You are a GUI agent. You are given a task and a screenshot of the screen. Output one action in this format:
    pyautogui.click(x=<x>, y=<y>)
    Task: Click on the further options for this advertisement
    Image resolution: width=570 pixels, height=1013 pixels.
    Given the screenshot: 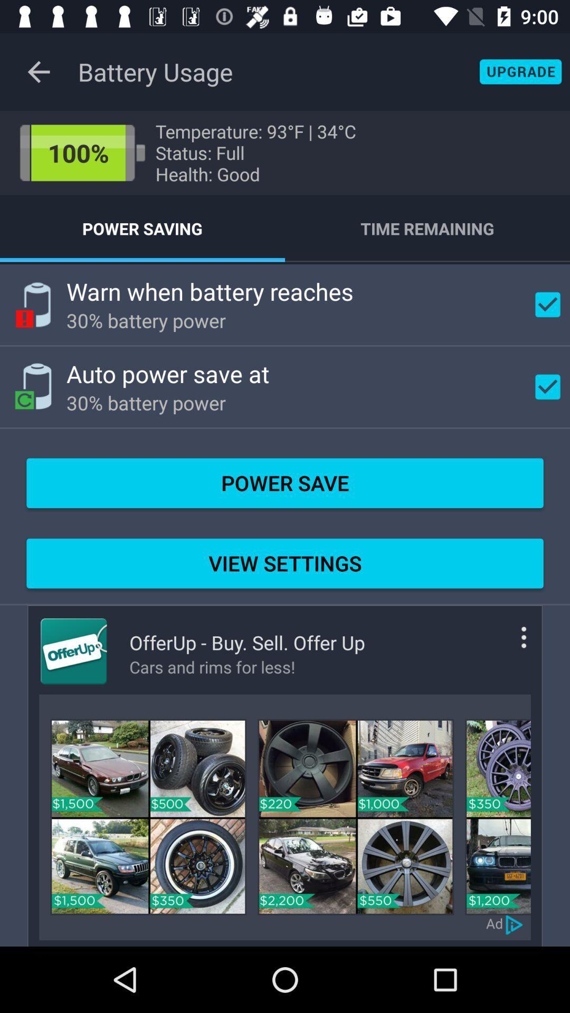 What is the action you would take?
    pyautogui.click(x=508, y=645)
    